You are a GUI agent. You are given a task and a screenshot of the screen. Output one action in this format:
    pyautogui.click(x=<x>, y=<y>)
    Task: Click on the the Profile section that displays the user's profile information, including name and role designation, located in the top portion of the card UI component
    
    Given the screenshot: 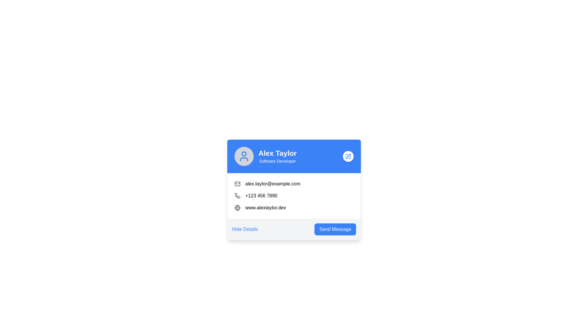 What is the action you would take?
    pyautogui.click(x=265, y=156)
    